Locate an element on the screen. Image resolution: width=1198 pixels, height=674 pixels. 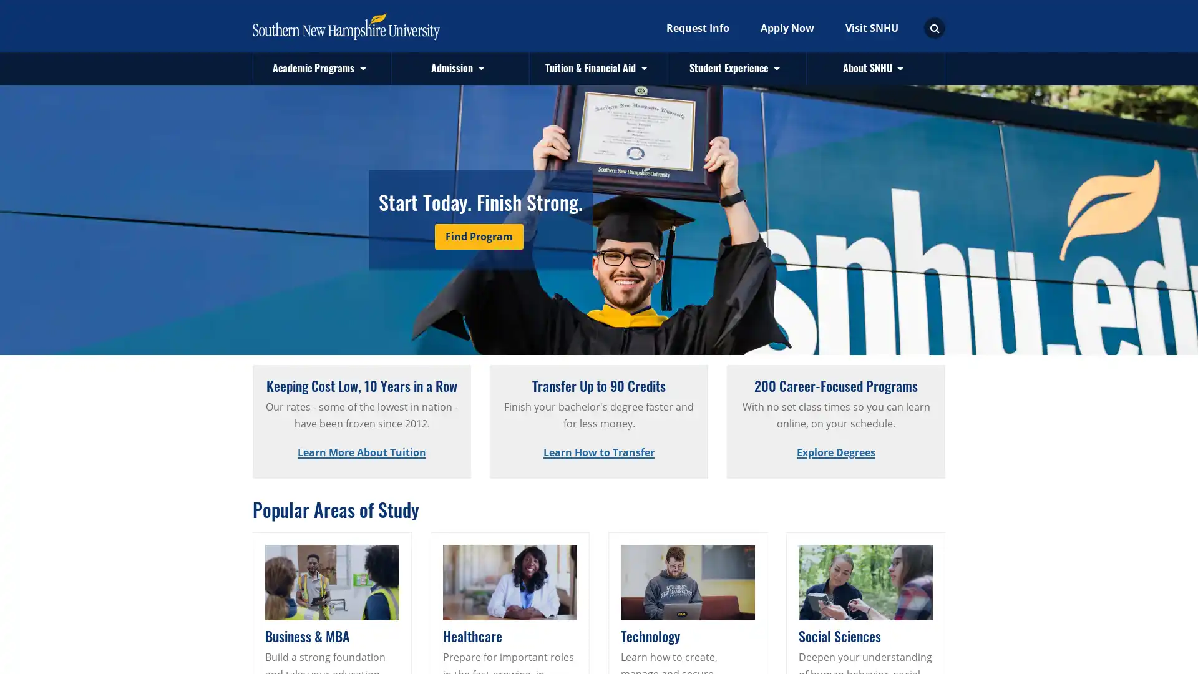
Find Program is located at coordinates (479, 237).